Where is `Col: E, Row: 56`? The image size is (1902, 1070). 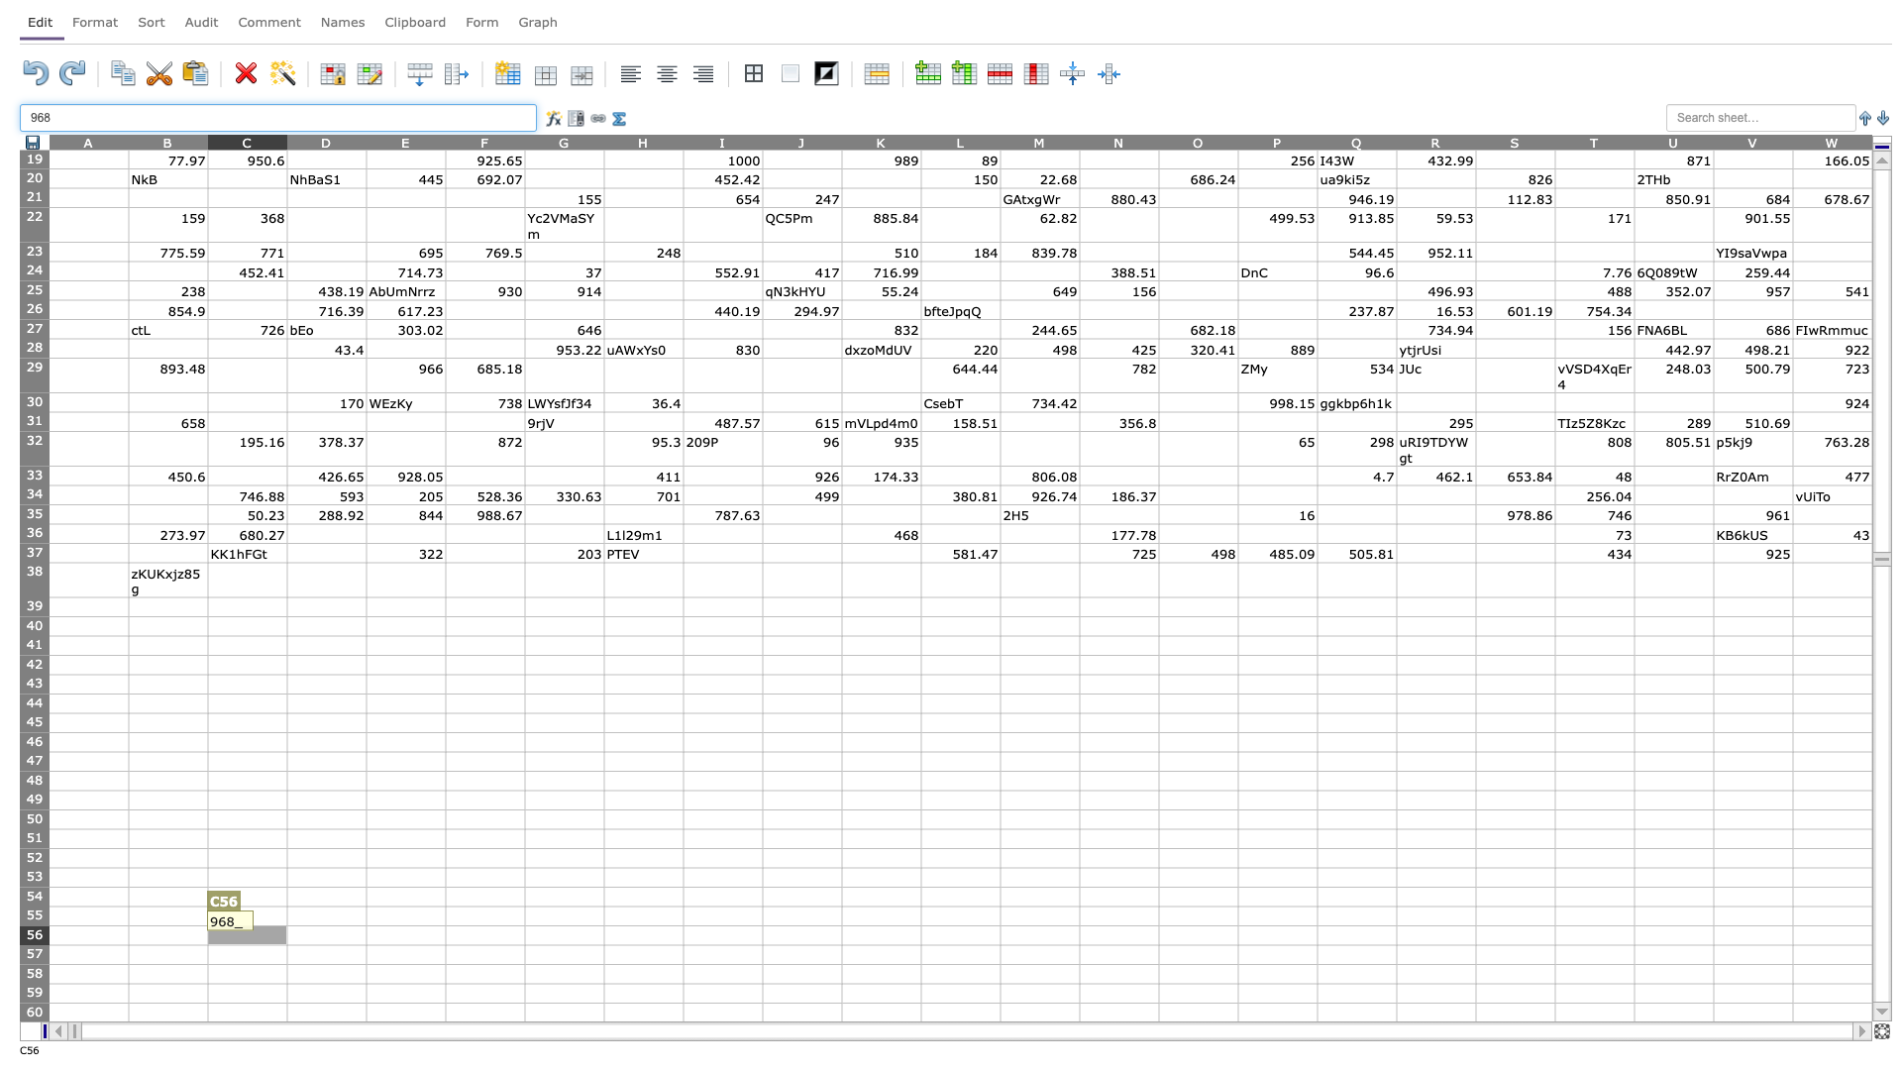
Col: E, Row: 56 is located at coordinates (404, 935).